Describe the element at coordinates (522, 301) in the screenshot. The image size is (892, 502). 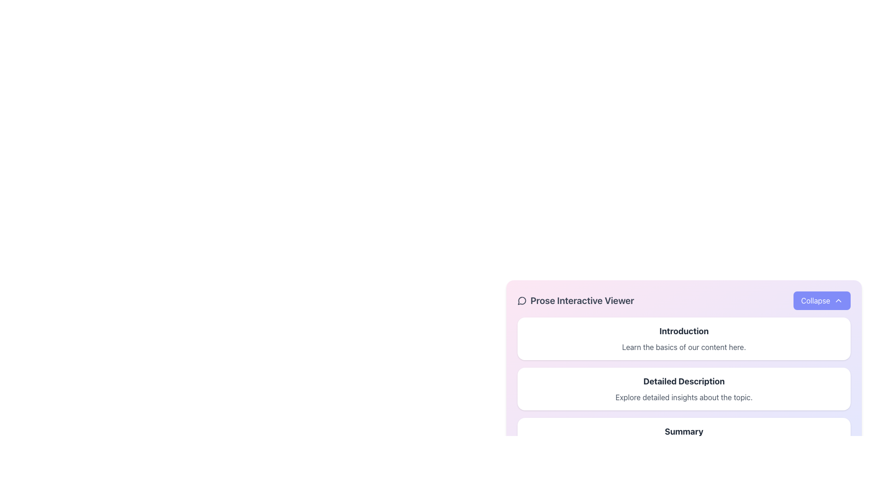
I see `the decorative or functional icon located at the top-left corner next to the 'Prose Interactive Viewer' text, which indicates message-related features` at that location.